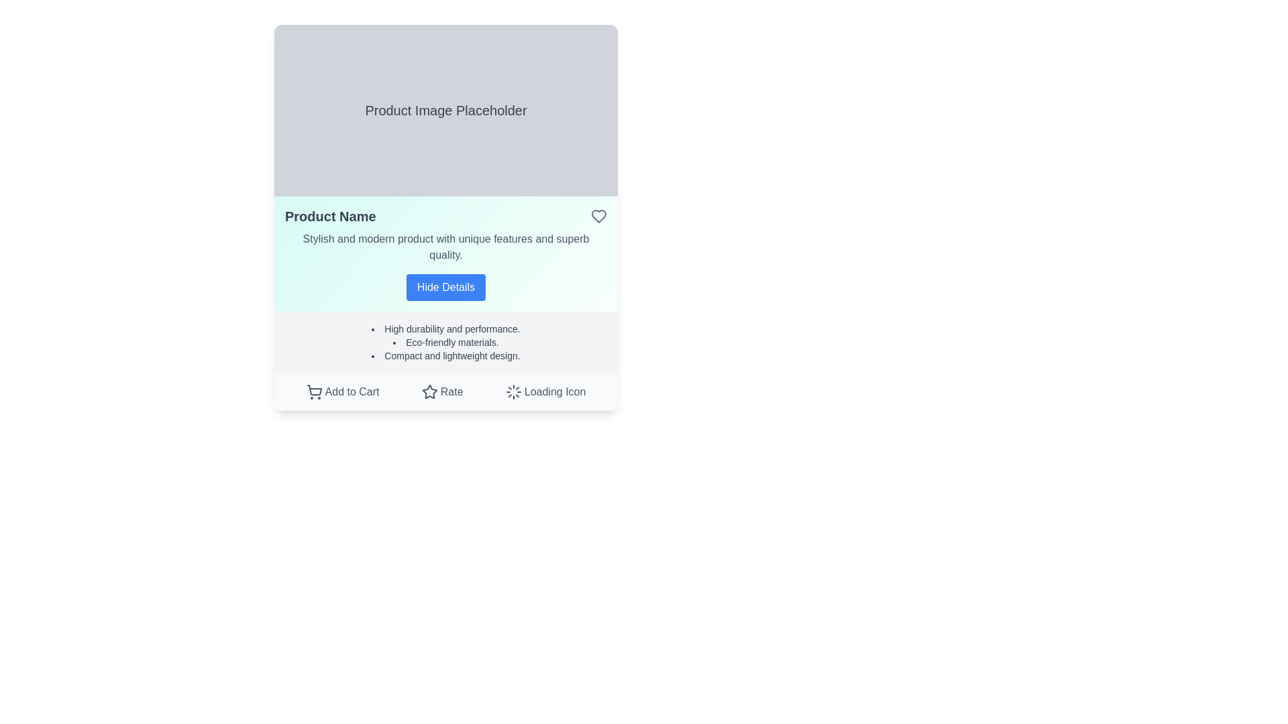  I want to click on the favorite icon located to the right of the 'Product Name' text to mark the associated product as a favorite, so click(598, 216).